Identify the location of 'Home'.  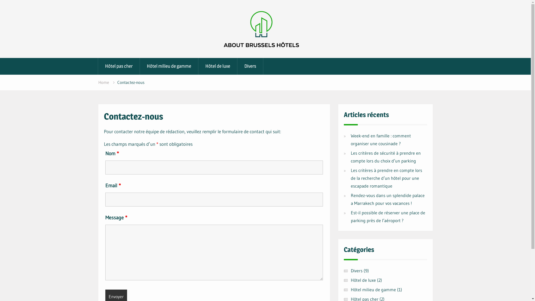
(103, 82).